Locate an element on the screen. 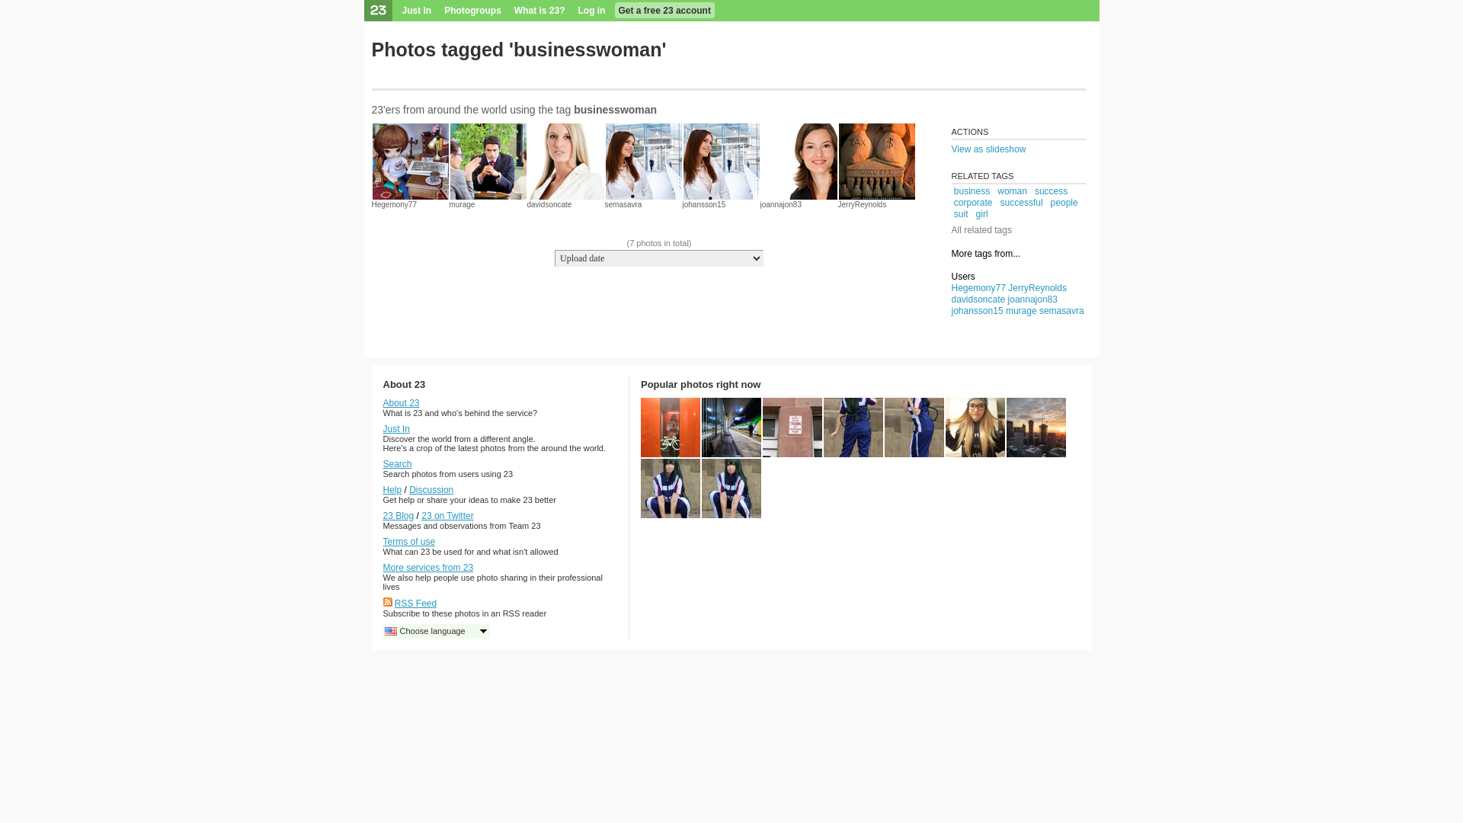 The image size is (1463, 823). 'Search' is located at coordinates (397, 463).